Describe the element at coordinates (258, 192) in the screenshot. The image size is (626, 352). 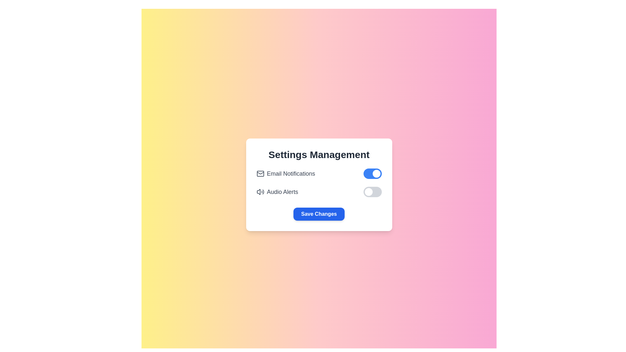
I see `the leftmost portion of the speaker icon, which is black on a white background and located to the left of the 'Audio Alerts' text in the settings menu` at that location.